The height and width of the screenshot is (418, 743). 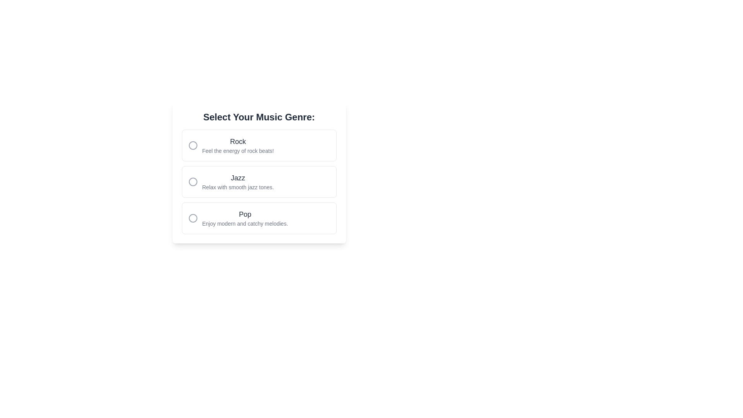 I want to click on the second genre option, 'Jazz', in the list, so click(x=259, y=182).